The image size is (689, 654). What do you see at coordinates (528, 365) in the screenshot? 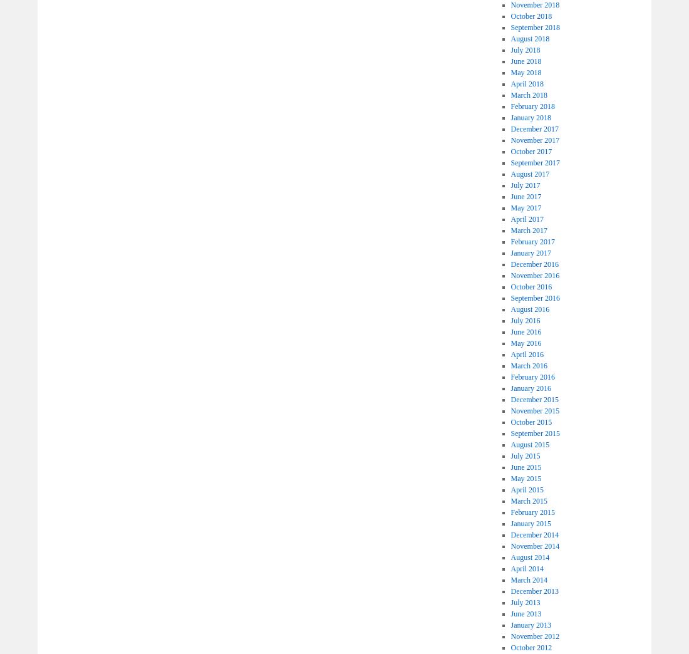
I see `'March 2016'` at bounding box center [528, 365].